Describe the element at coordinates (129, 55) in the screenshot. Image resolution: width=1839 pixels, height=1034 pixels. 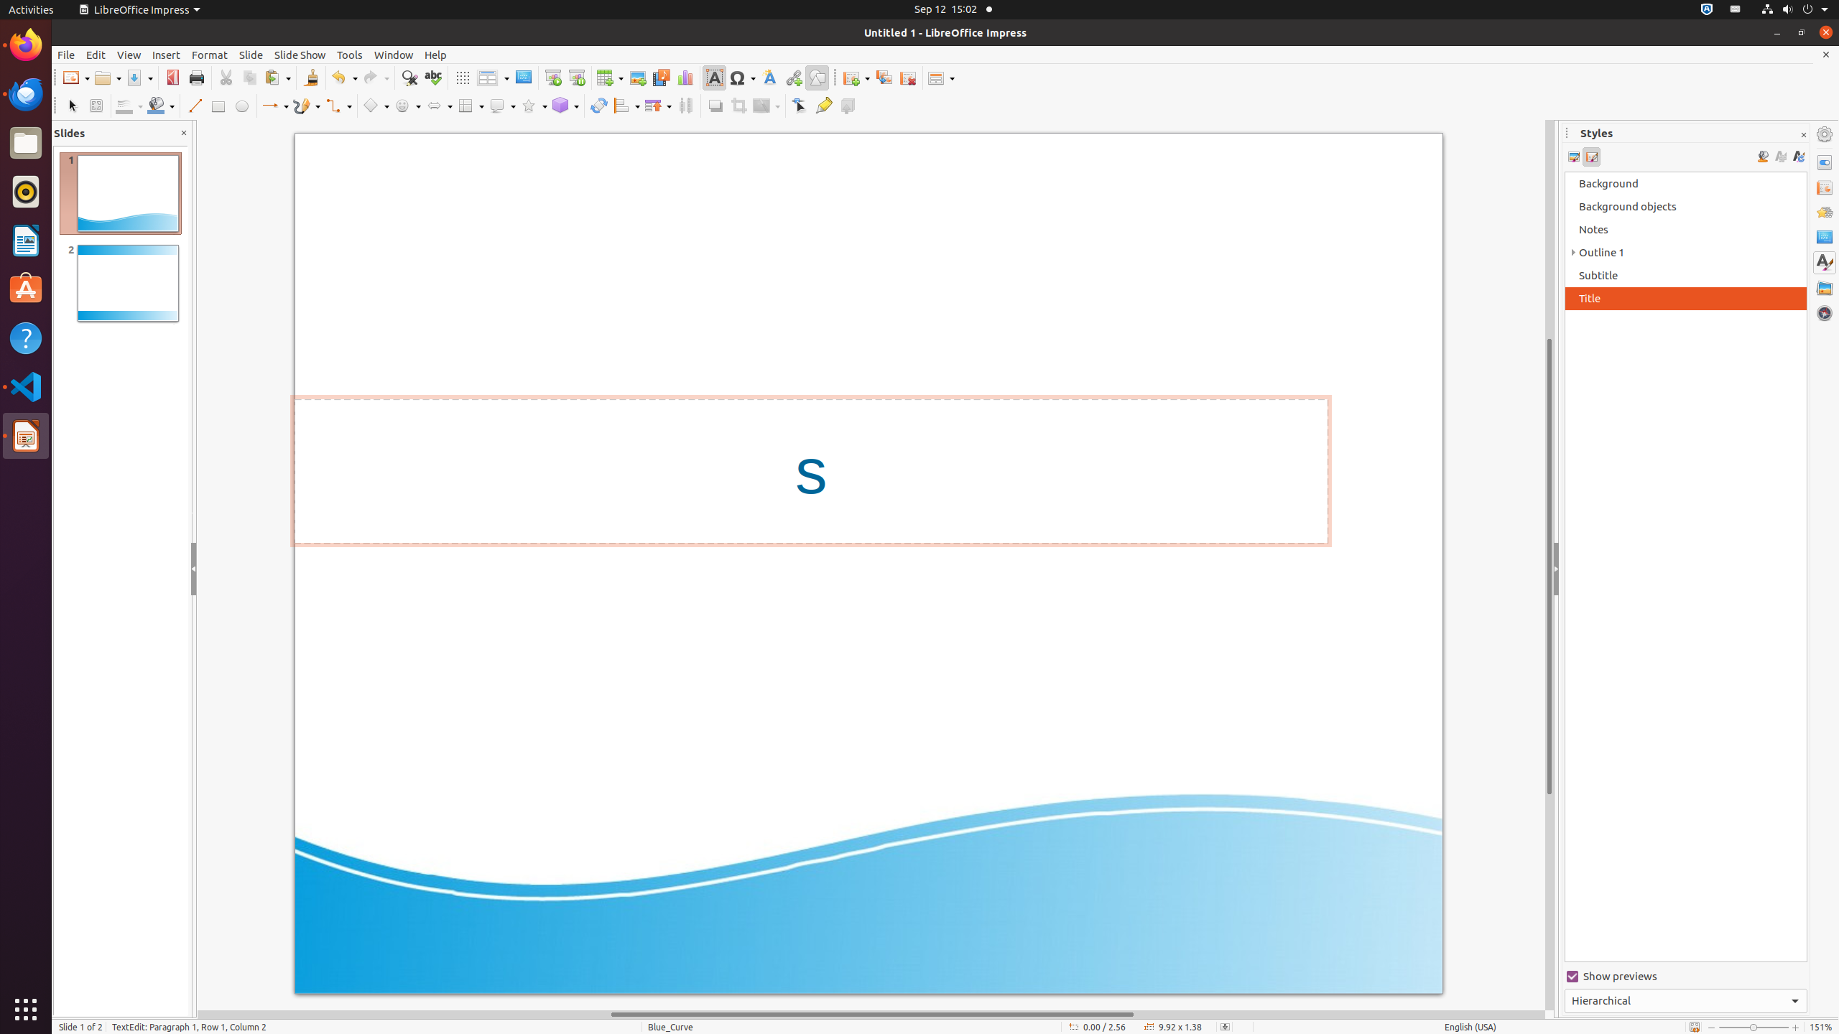
I see `'View'` at that location.